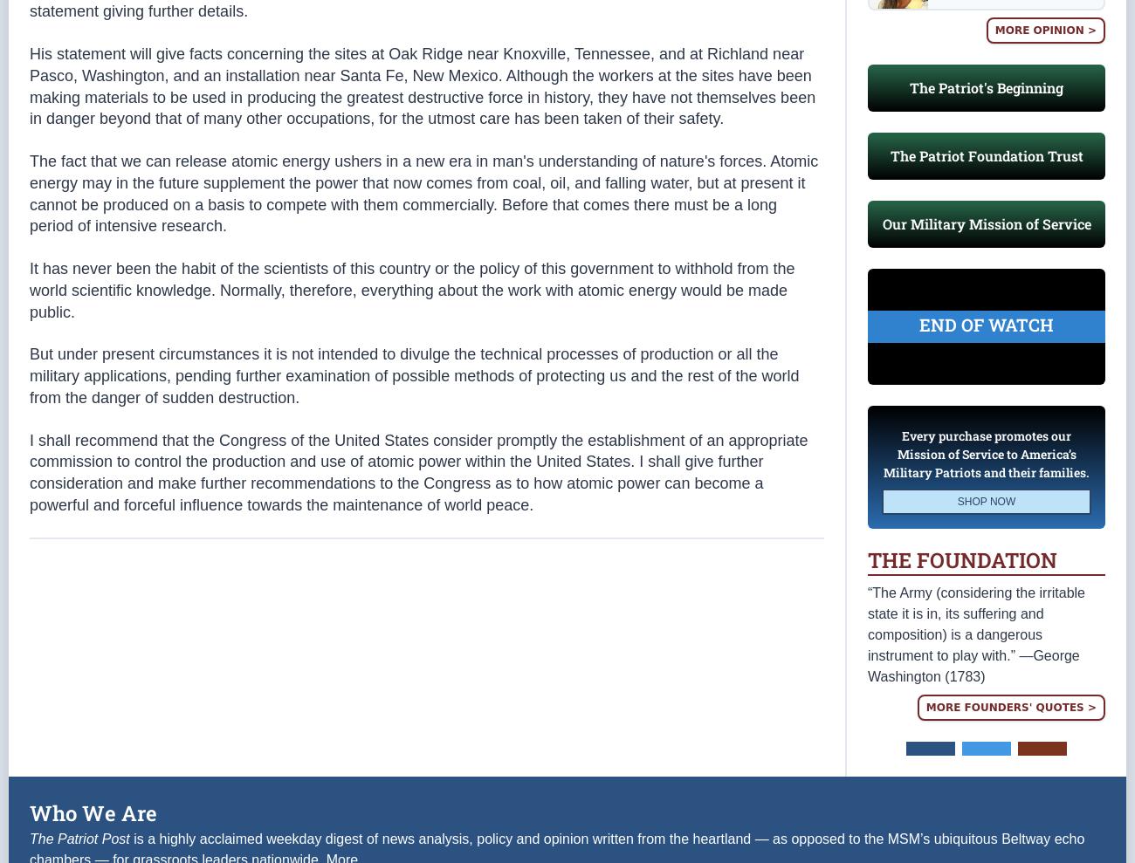  What do you see at coordinates (961, 594) in the screenshot?
I see `'The Foundation'` at bounding box center [961, 594].